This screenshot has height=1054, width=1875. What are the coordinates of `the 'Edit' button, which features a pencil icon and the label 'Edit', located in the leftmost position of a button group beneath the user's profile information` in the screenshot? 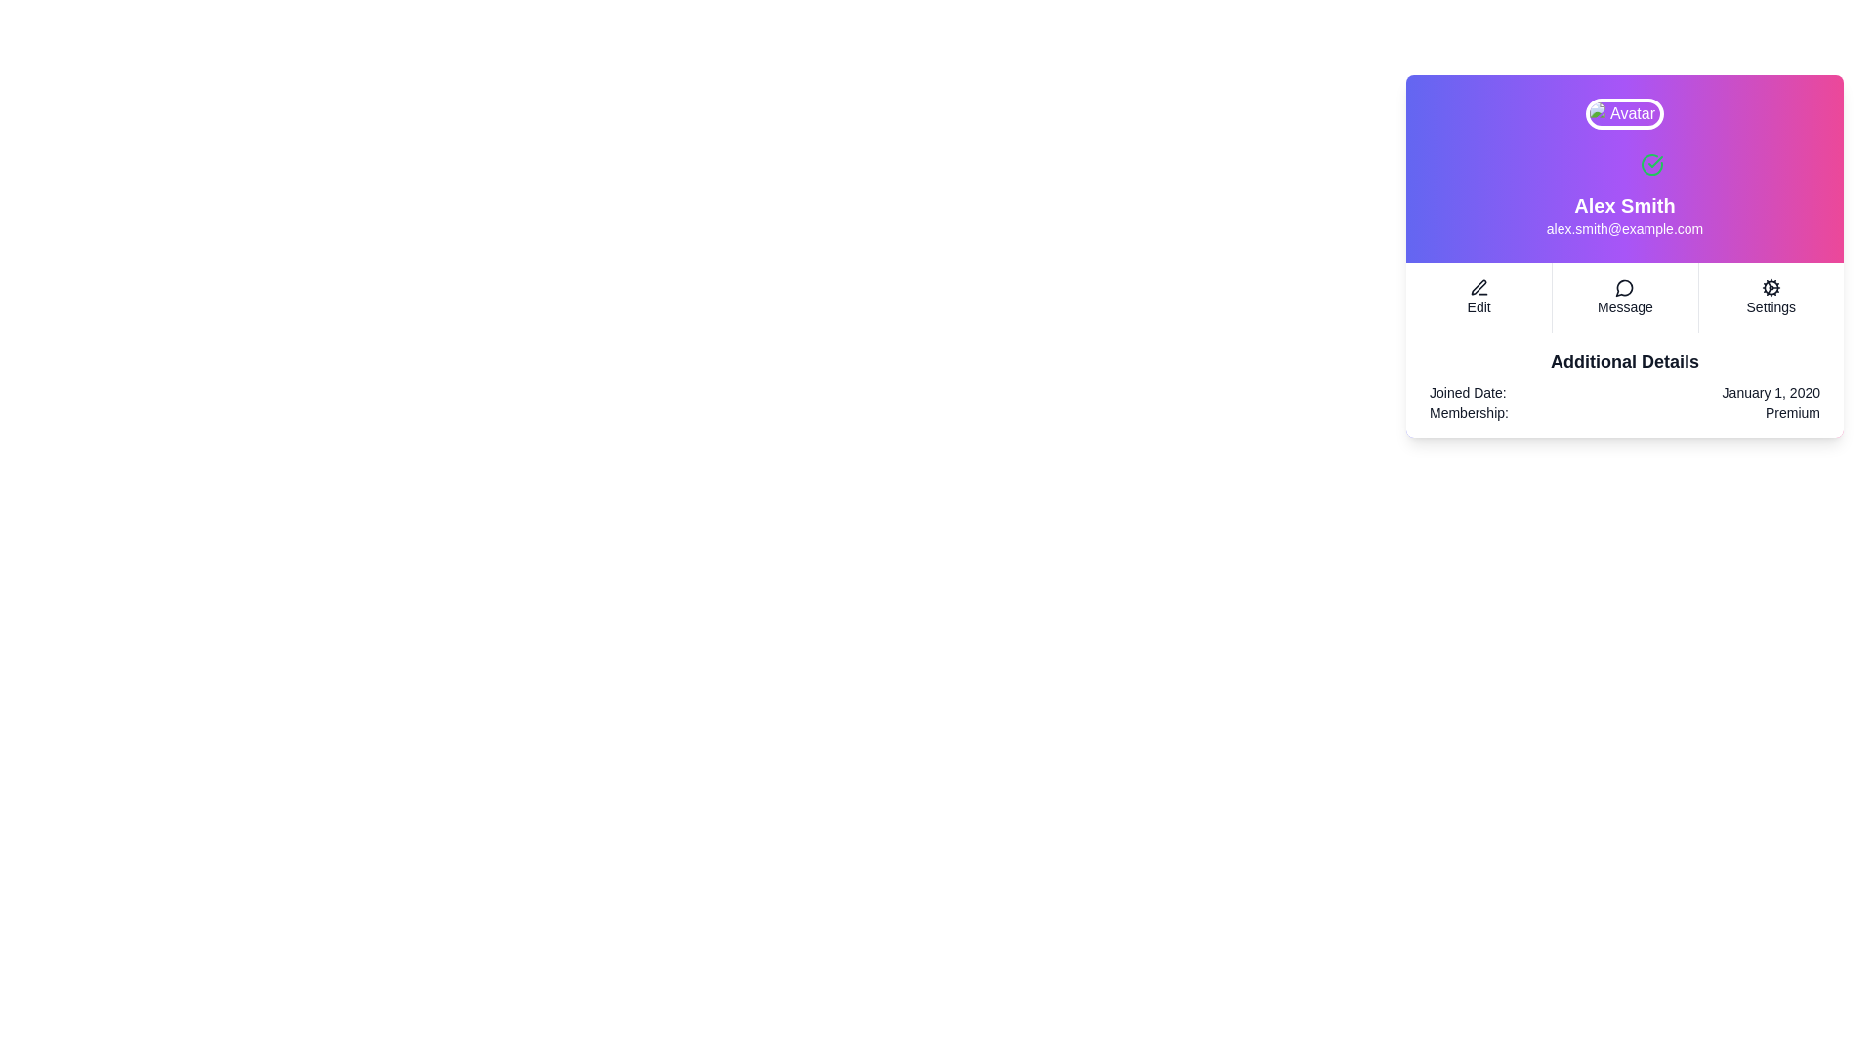 It's located at (1479, 297).